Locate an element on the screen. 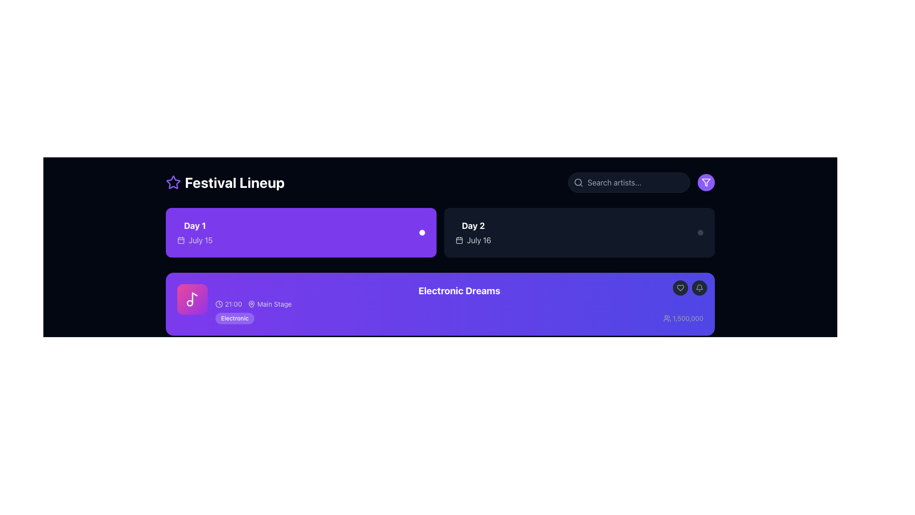 The height and width of the screenshot is (515, 915). the heart icon button located at the bottom-right corner of the 'Electronic Dreams' event panel is located at coordinates (680, 288).